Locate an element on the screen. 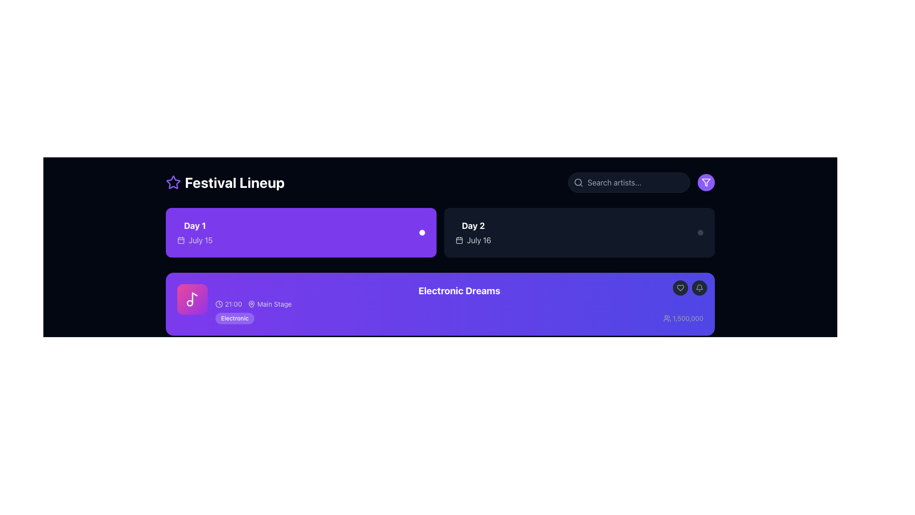 The height and width of the screenshot is (515, 915). the heart icon button located at the bottom-right corner of the 'Electronic Dreams' event panel is located at coordinates (680, 288).